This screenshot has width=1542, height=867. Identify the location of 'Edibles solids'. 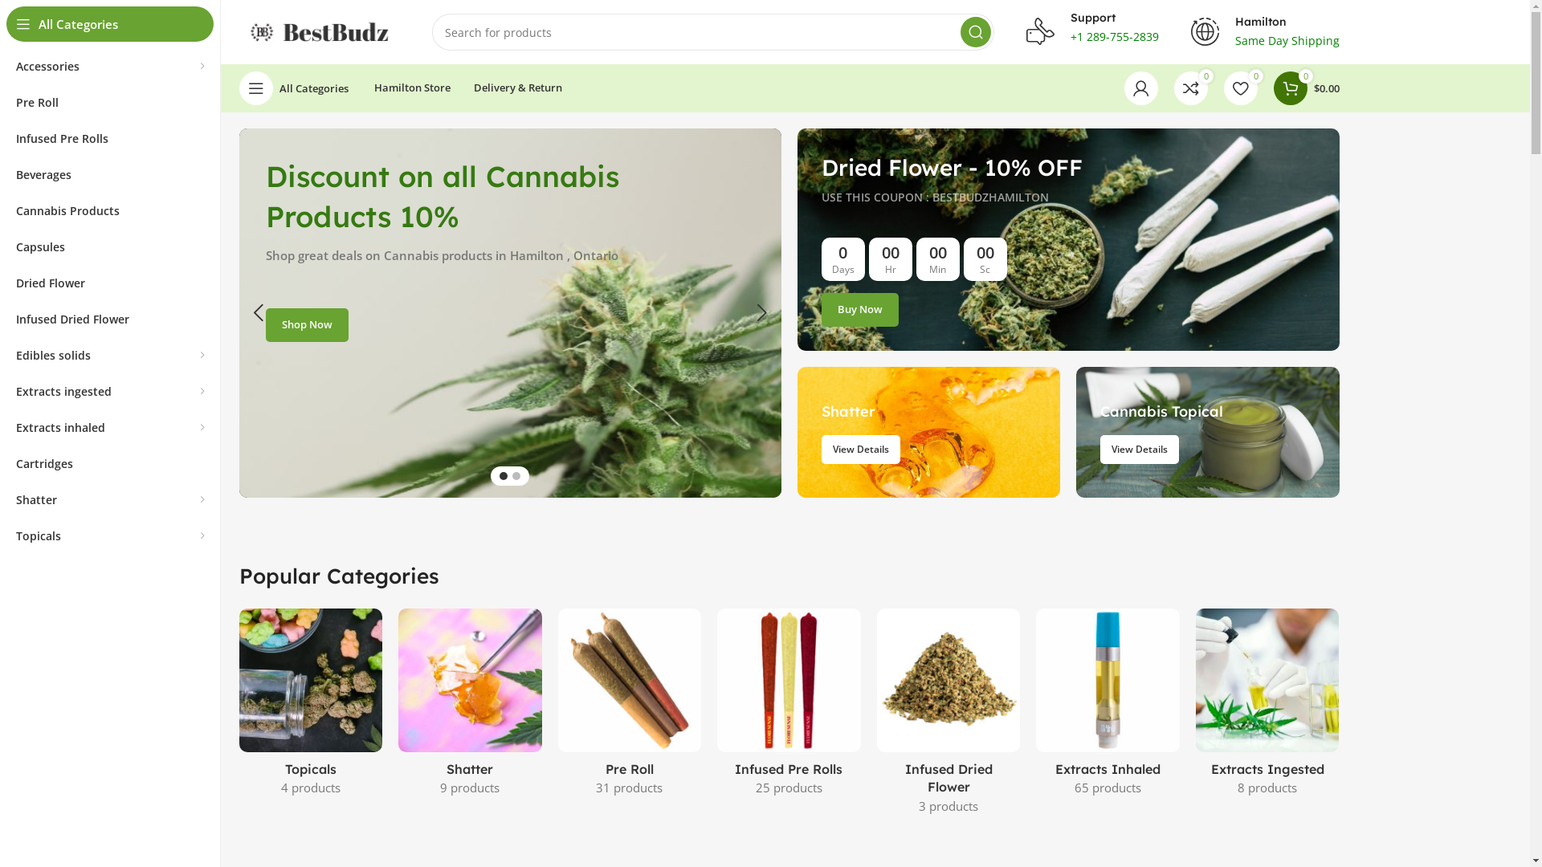
(109, 354).